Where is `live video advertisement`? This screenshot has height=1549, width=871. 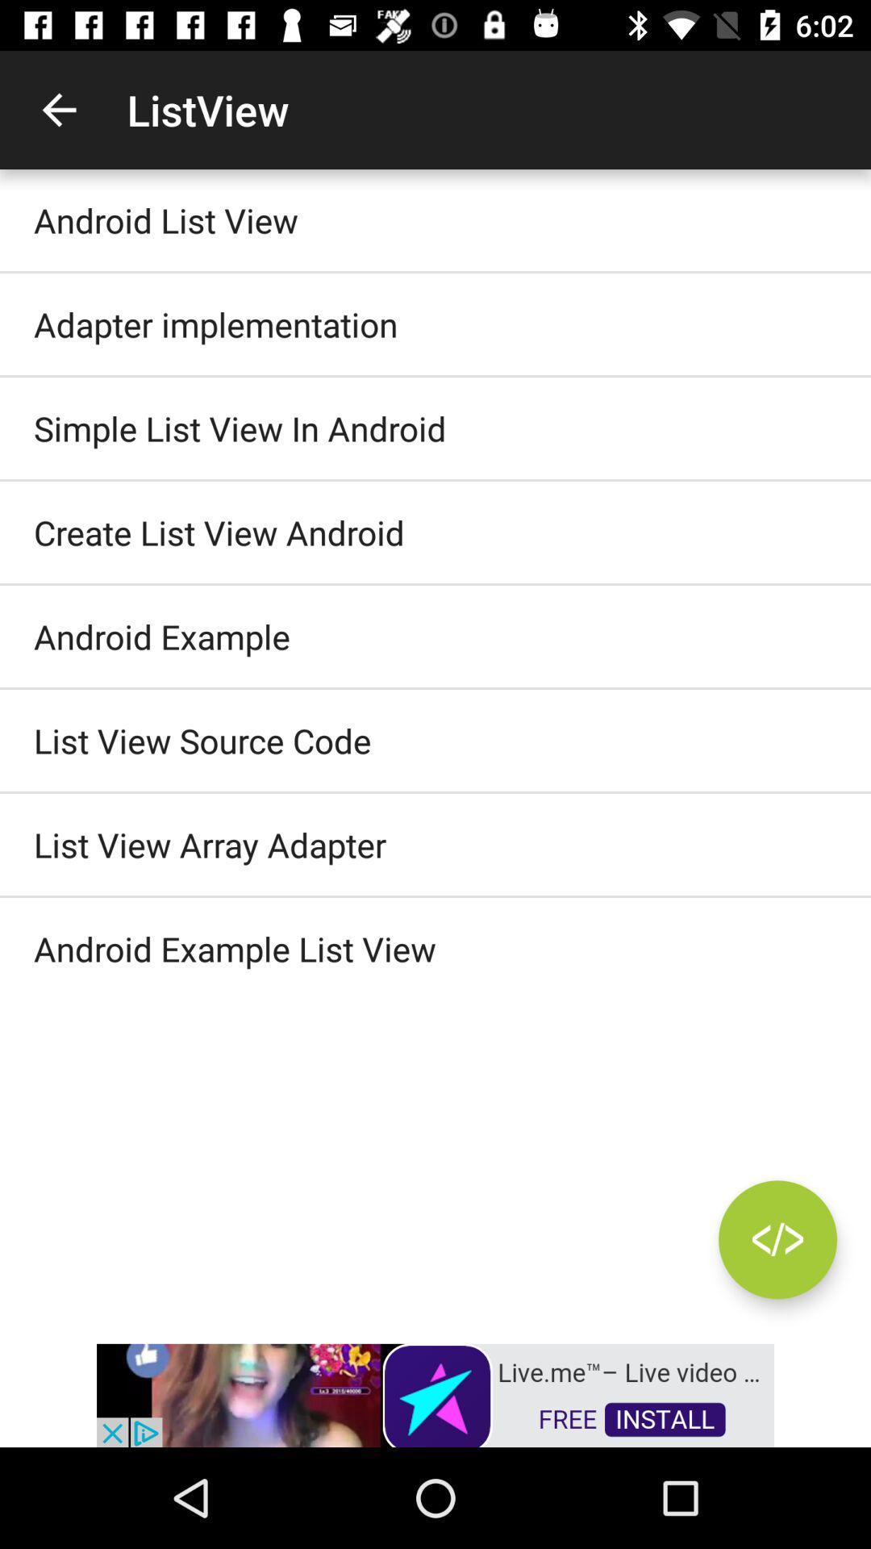 live video advertisement is located at coordinates (435, 1393).